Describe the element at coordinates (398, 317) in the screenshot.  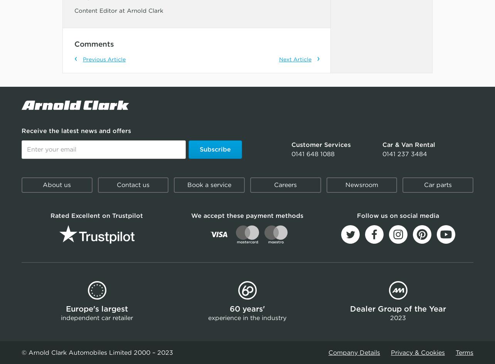
I see `'2023'` at that location.